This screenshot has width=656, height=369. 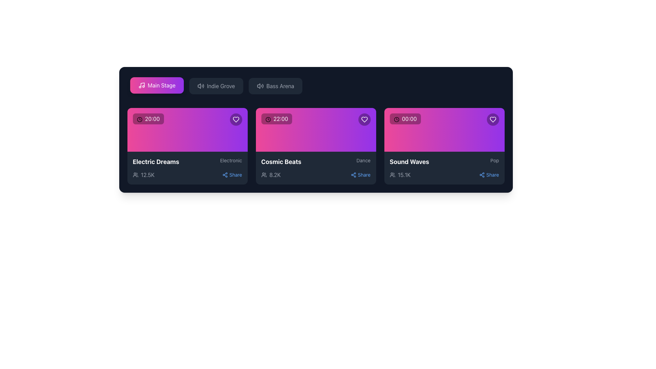 What do you see at coordinates (493, 119) in the screenshot?
I see `the heart icon in the top-right corner of the third card labeled 'Sound Waves' to mark the item as favorite` at bounding box center [493, 119].